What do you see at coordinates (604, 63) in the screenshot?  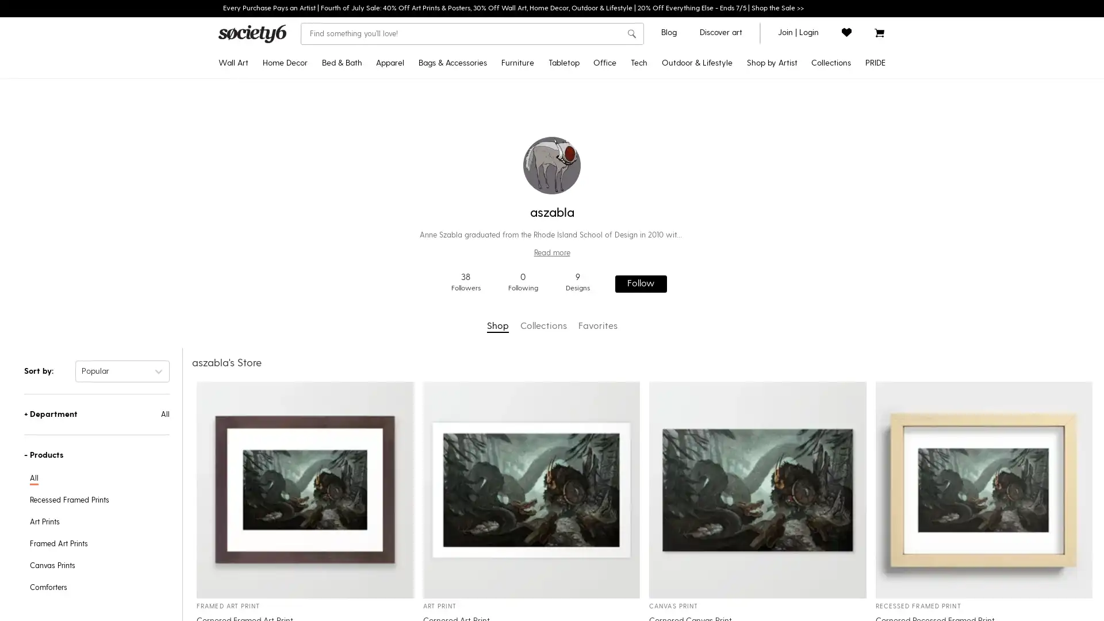 I see `Office` at bounding box center [604, 63].